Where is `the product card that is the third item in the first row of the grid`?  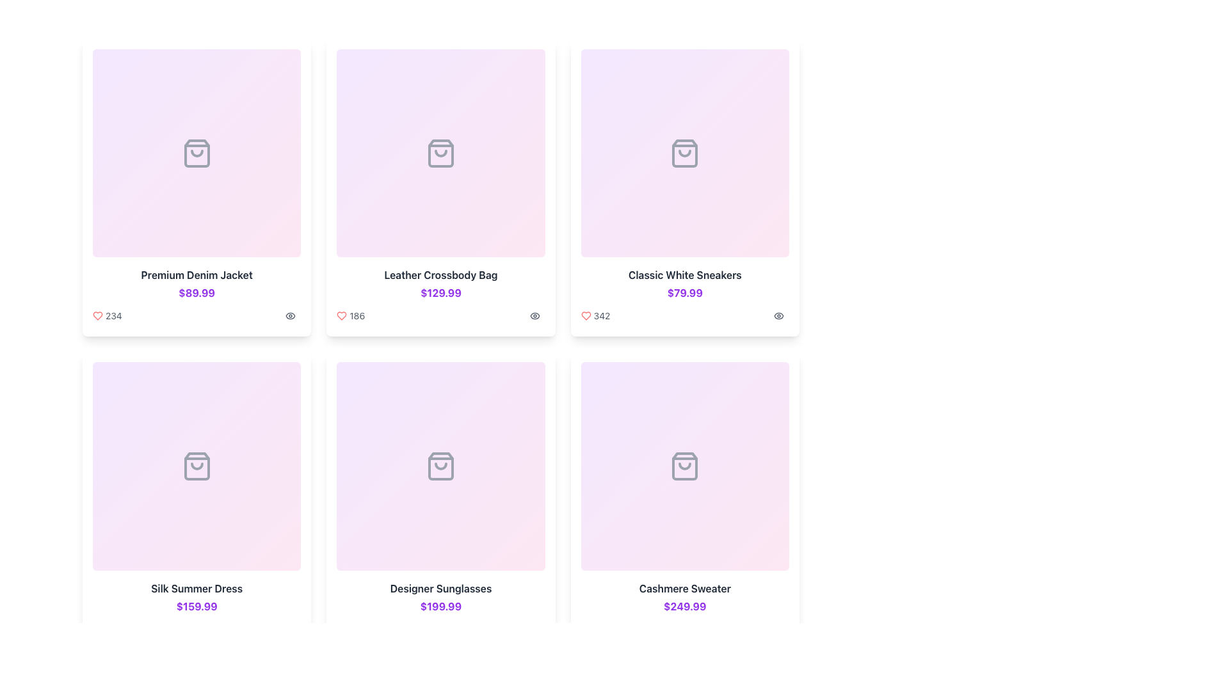 the product card that is the third item in the first row of the grid is located at coordinates (684, 187).